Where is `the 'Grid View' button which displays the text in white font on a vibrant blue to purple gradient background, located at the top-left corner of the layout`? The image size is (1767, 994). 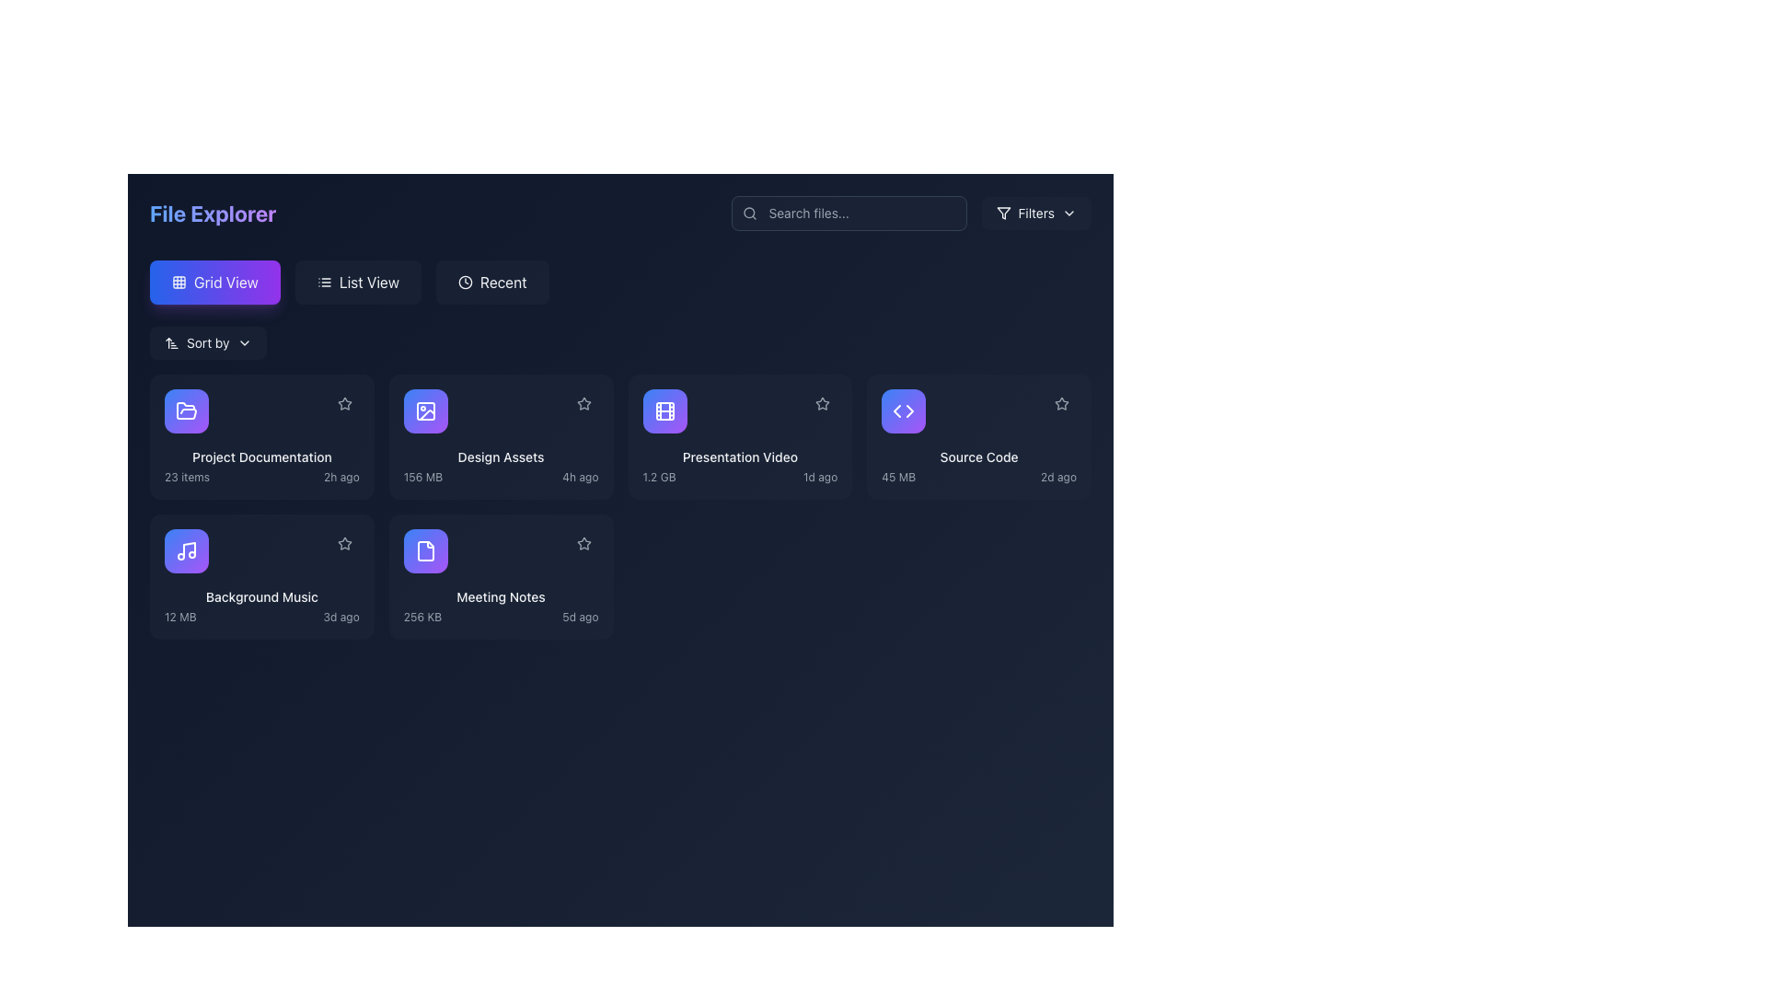
the 'Grid View' button which displays the text in white font on a vibrant blue to purple gradient background, located at the top-left corner of the layout is located at coordinates (225, 283).